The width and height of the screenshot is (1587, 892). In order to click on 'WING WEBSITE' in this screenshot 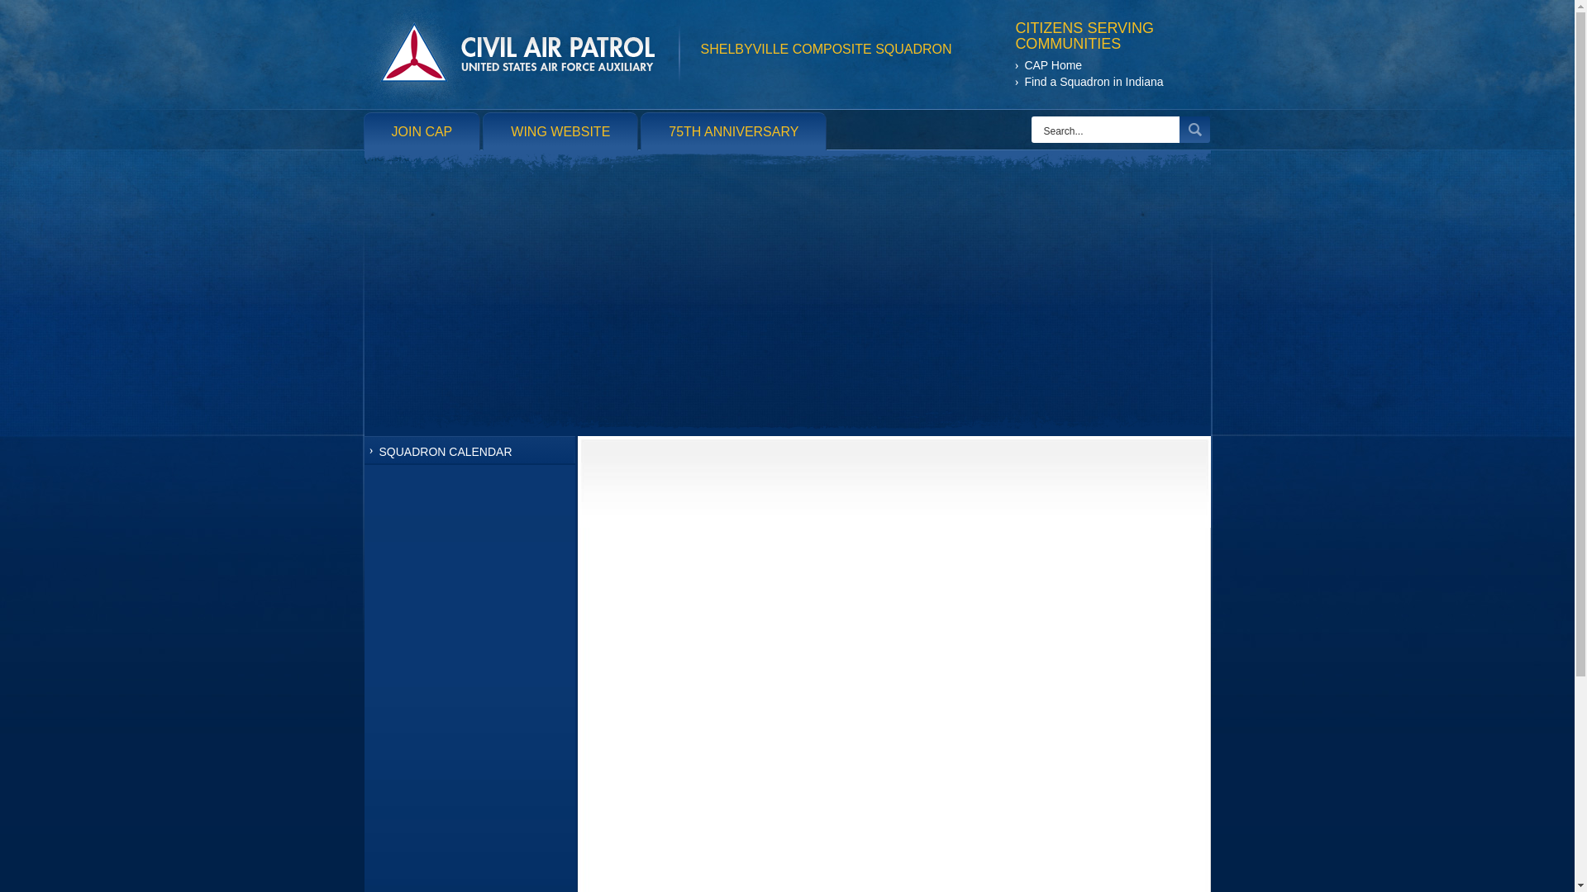, I will do `click(560, 130)`.